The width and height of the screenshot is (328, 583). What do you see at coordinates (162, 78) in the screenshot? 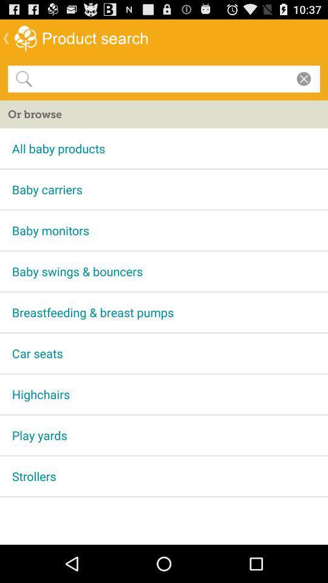
I see `search bar` at bounding box center [162, 78].